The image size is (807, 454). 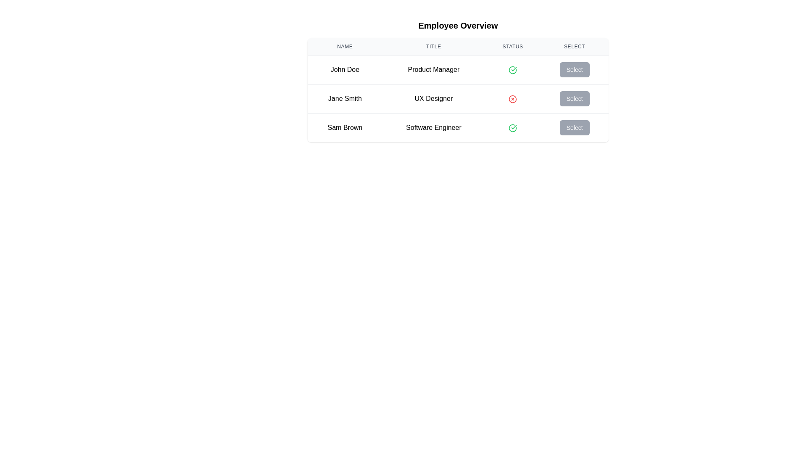 What do you see at coordinates (512, 127) in the screenshot?
I see `the status icon indicating a positive confirmation for the employee 'Sam Brown' in the third row of the table` at bounding box center [512, 127].